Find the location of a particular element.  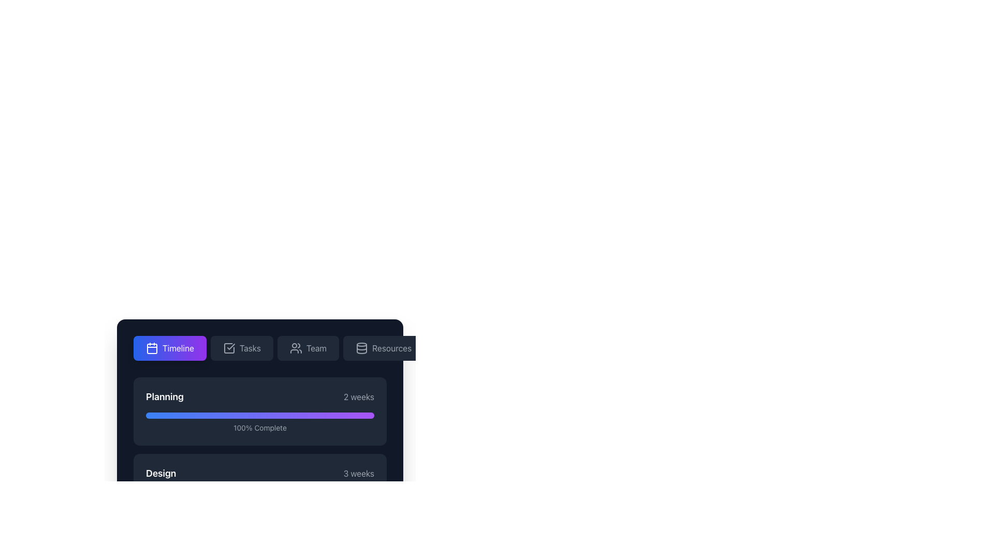

the 'Tasks' button, which is a dark gray rectangle with light gray text and a checkmark outline, located in the navigation bar to trigger visual effects is located at coordinates (241, 348).